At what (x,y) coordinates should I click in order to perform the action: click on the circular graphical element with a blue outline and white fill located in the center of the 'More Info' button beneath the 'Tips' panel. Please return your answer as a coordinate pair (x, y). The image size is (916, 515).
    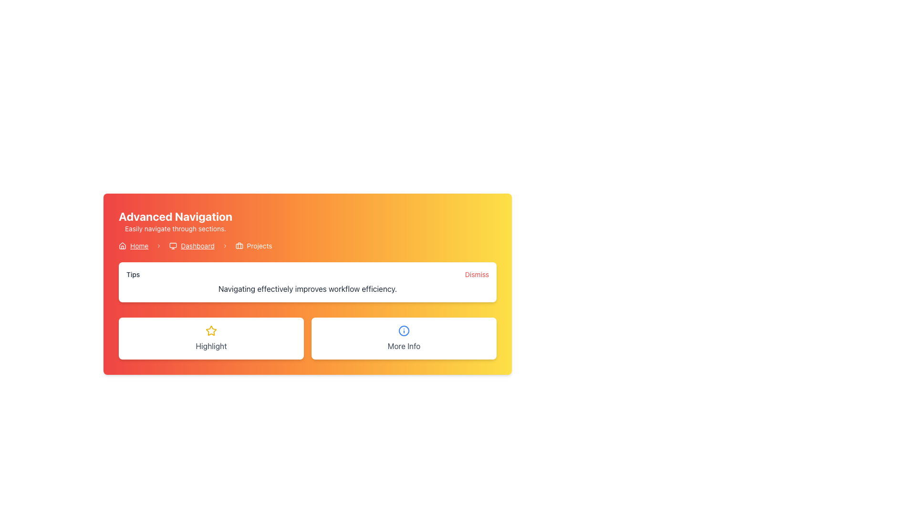
    Looking at the image, I should click on (404, 330).